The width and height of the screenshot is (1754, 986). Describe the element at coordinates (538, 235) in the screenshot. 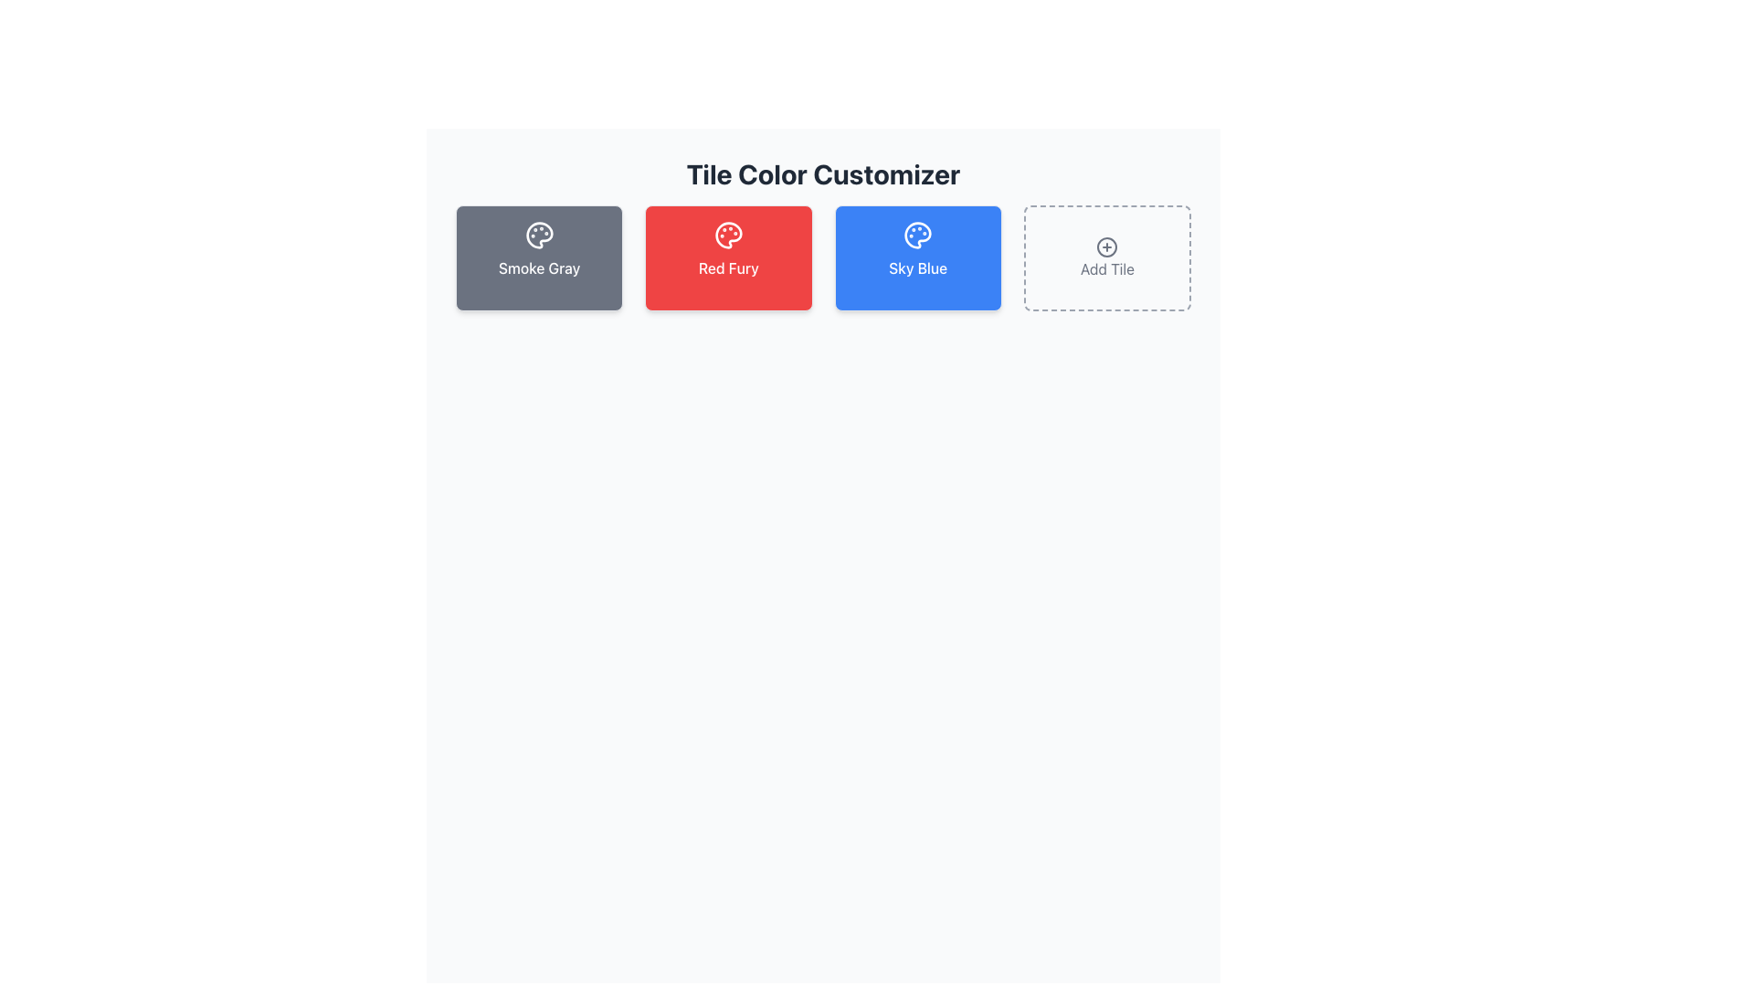

I see `the Decorative Icon representing the 'Smoke Gray' tile component, which is part of a horizontal group of color palette tiles` at that location.